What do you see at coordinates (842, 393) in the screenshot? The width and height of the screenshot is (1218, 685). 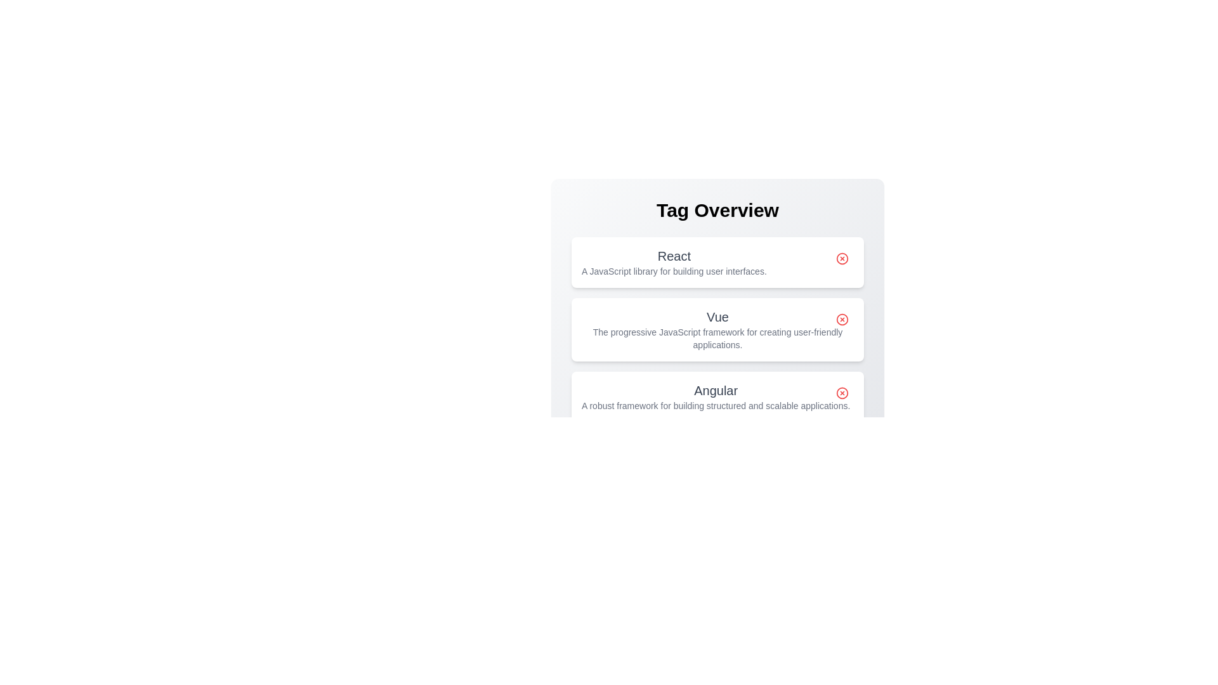 I see `close button on the tag labeled Angular` at bounding box center [842, 393].